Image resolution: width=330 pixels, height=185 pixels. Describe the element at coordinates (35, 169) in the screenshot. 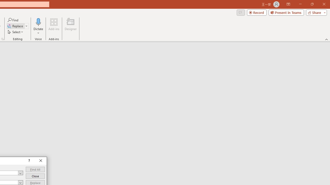

I see `'Find All'` at that location.